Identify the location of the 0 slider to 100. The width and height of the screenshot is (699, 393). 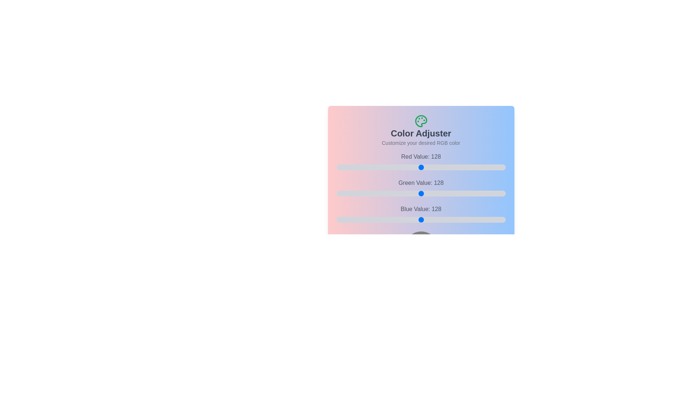
(454, 167).